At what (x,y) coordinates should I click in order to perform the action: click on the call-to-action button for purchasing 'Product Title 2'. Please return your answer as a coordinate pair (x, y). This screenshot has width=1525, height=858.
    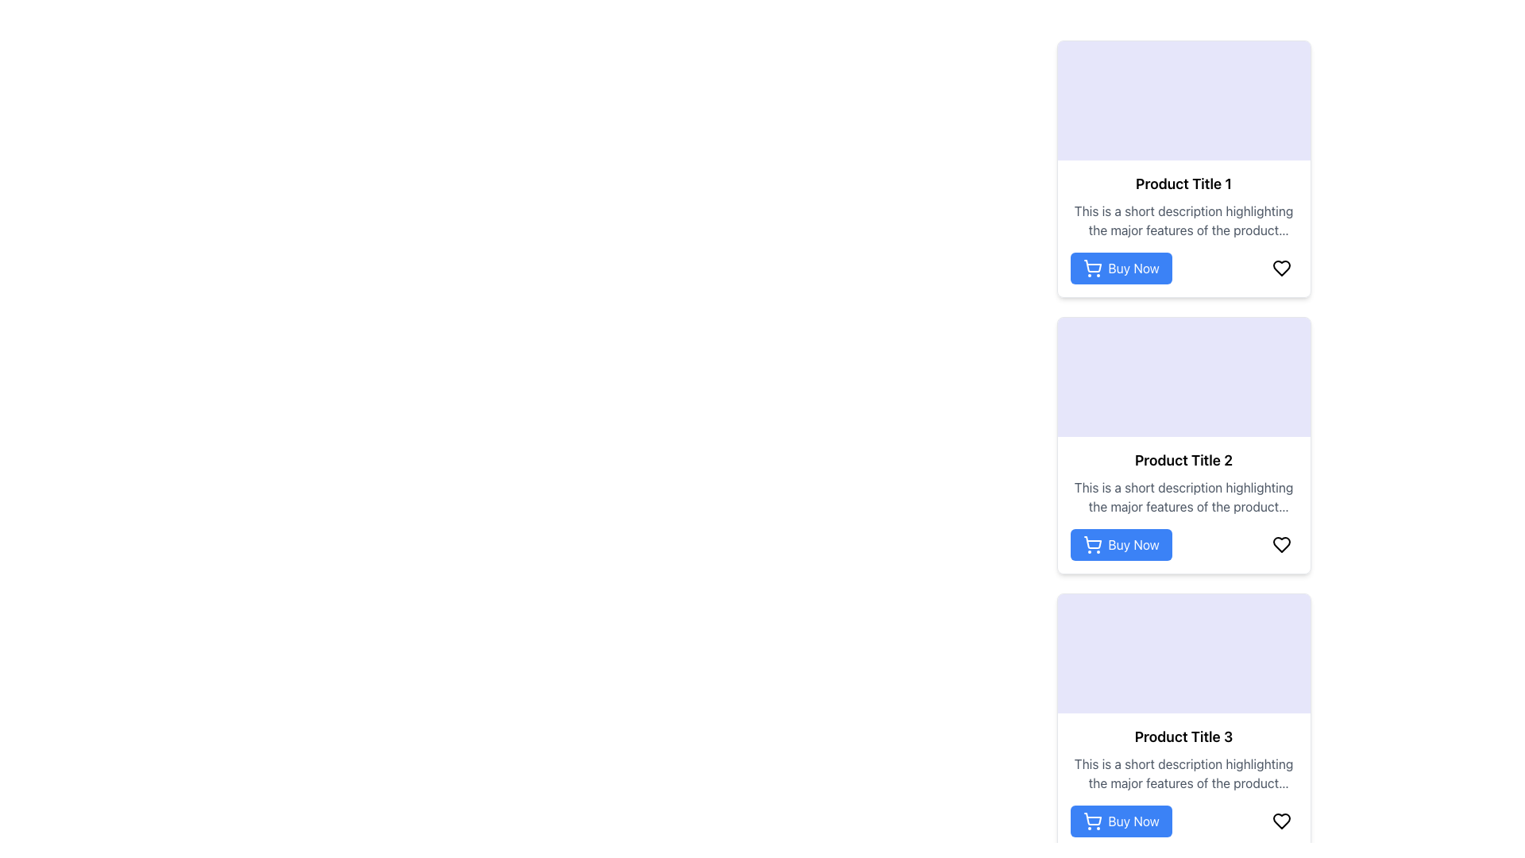
    Looking at the image, I should click on (1183, 544).